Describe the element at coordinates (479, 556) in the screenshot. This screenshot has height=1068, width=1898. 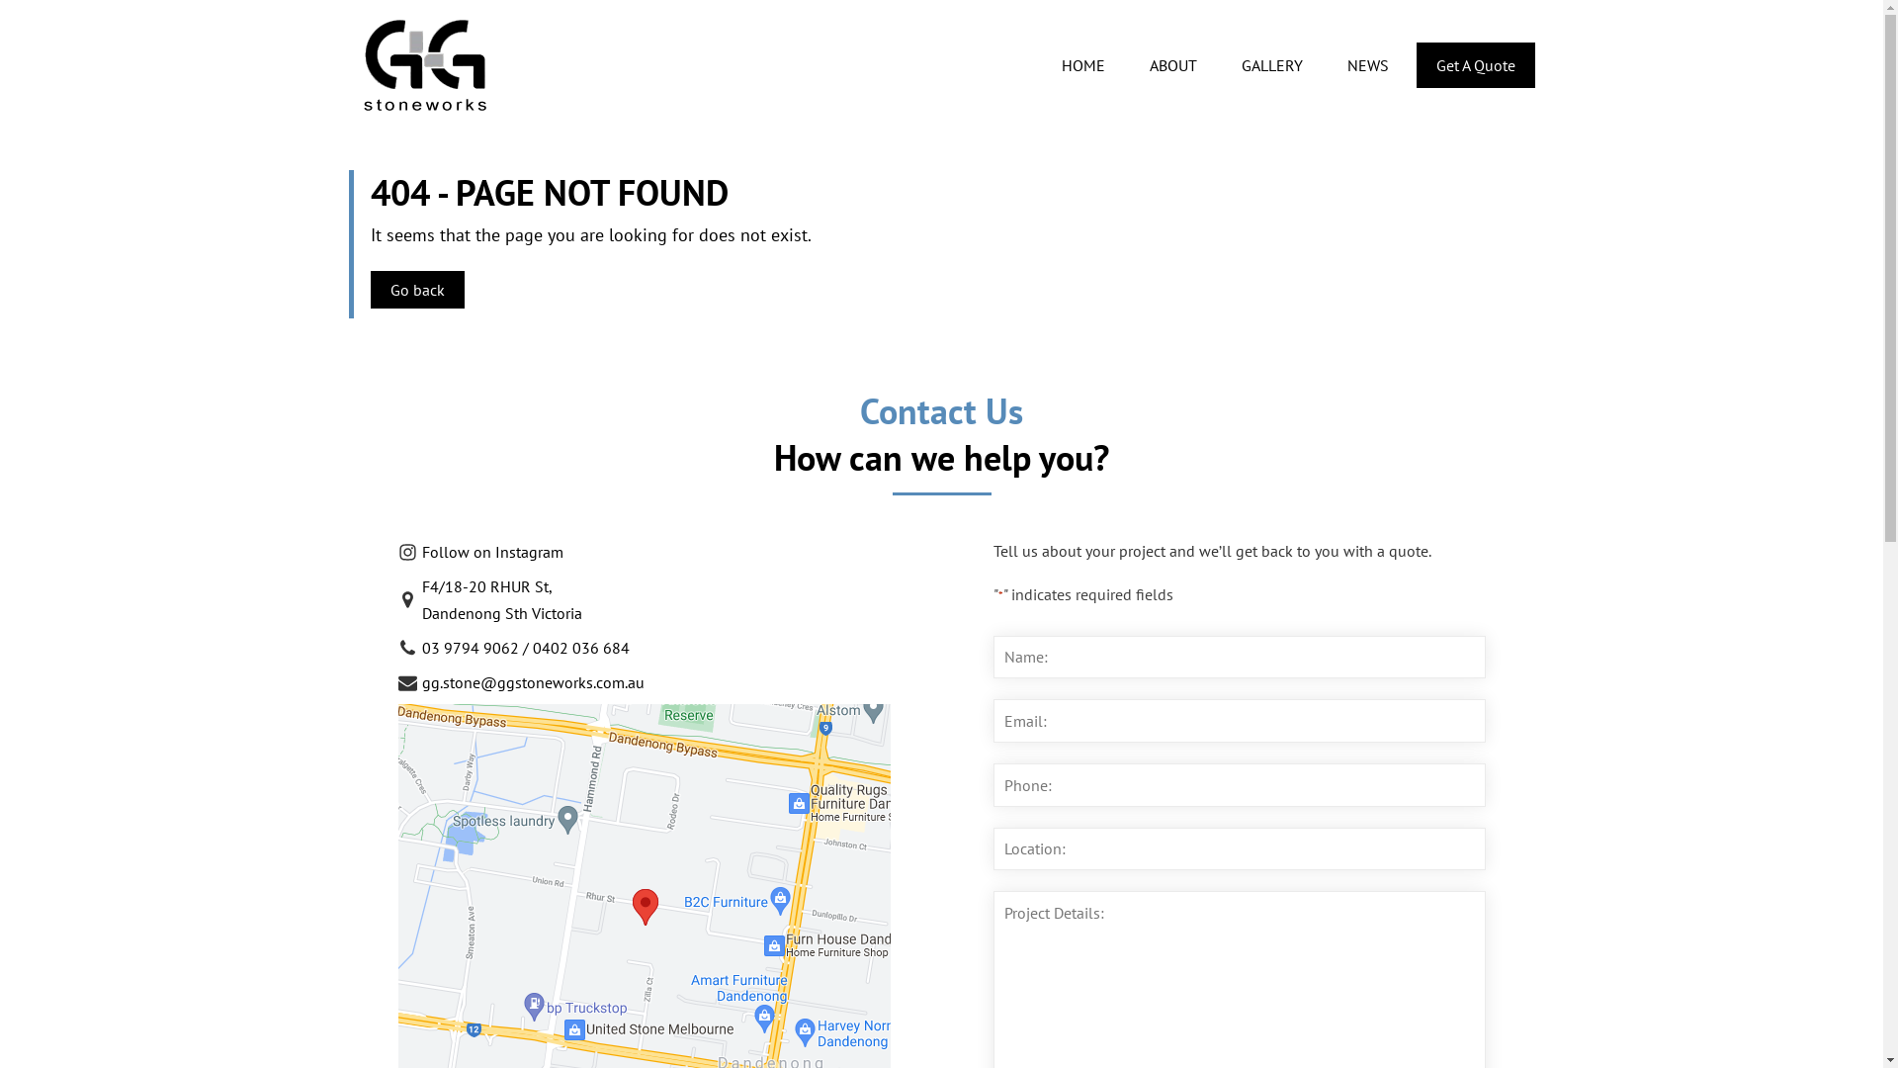
I see `'Follow on Instagram'` at that location.